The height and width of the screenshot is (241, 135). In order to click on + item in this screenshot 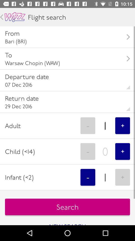, I will do `click(122, 151)`.